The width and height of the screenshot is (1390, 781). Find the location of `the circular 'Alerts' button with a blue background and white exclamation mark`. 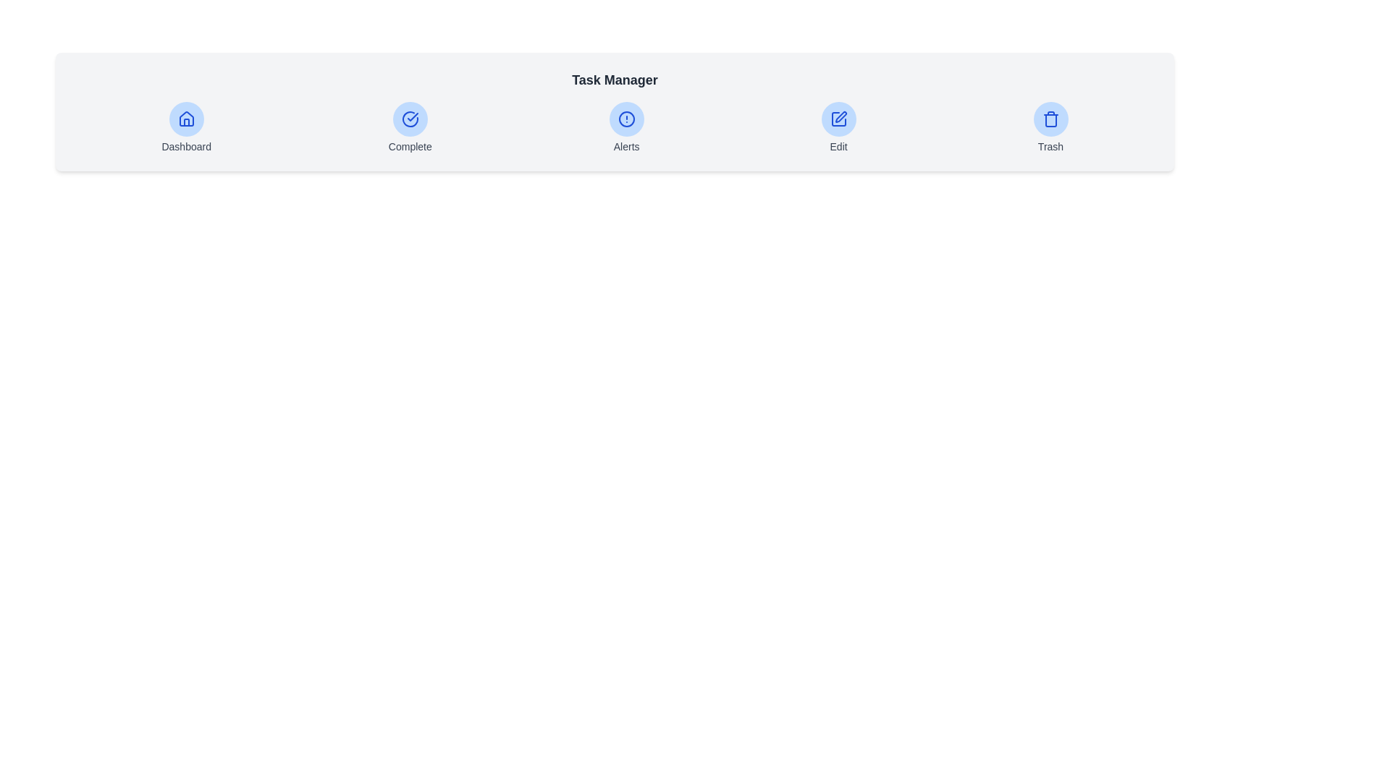

the circular 'Alerts' button with a blue background and white exclamation mark is located at coordinates (626, 127).